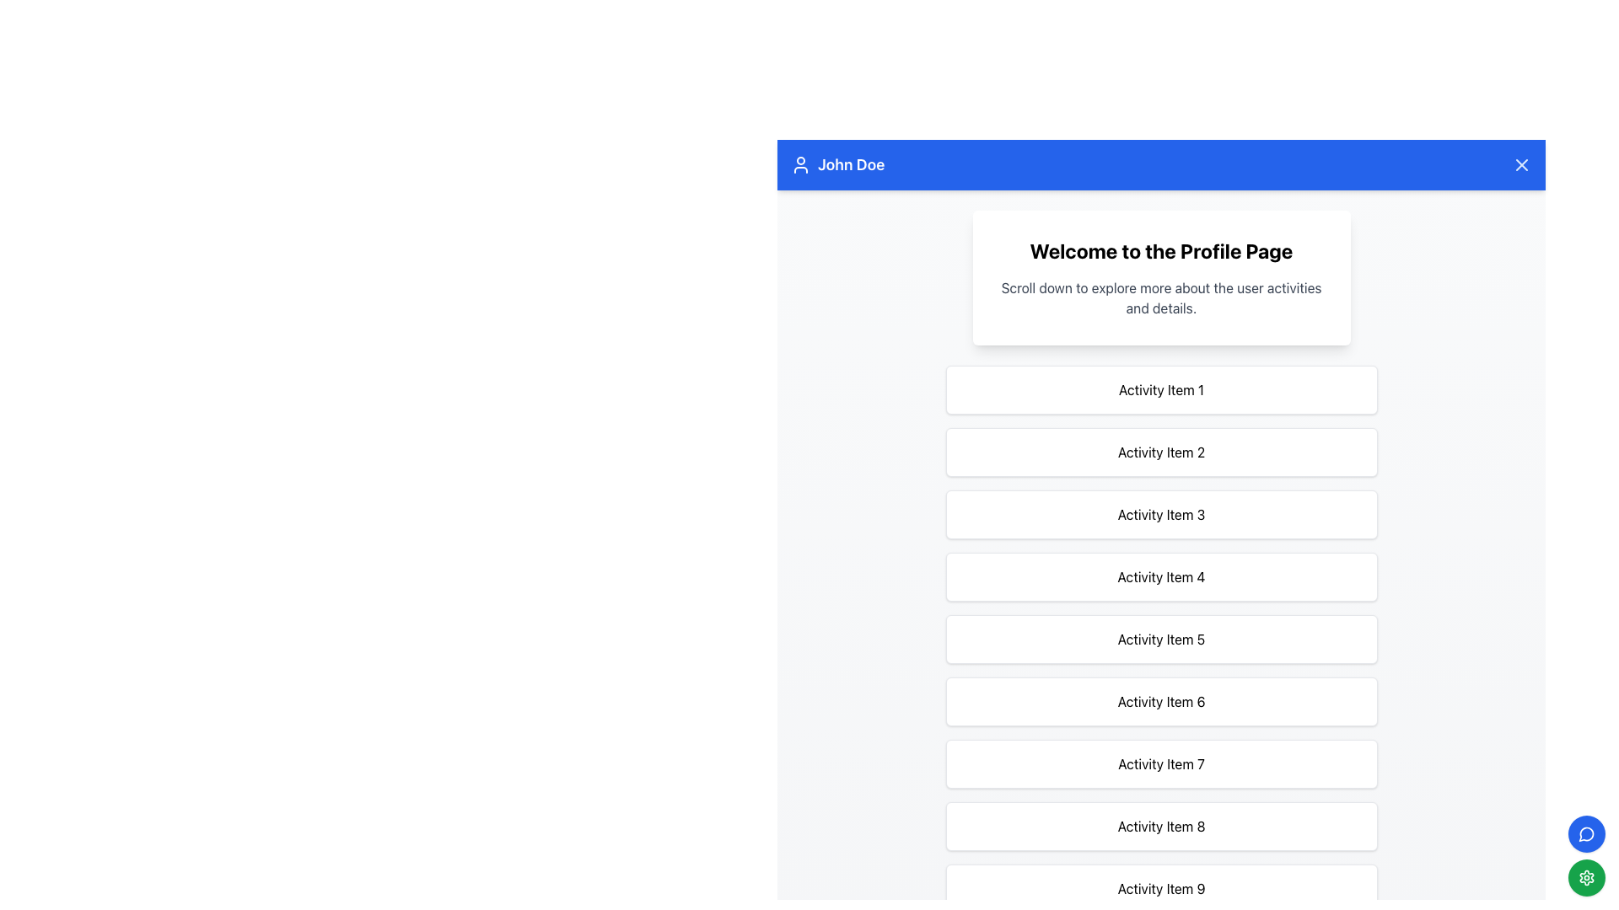 The image size is (1619, 910). I want to click on the user profile icon located to the left of the text 'John Doe' in the upper blue header section of the page, so click(800, 165).